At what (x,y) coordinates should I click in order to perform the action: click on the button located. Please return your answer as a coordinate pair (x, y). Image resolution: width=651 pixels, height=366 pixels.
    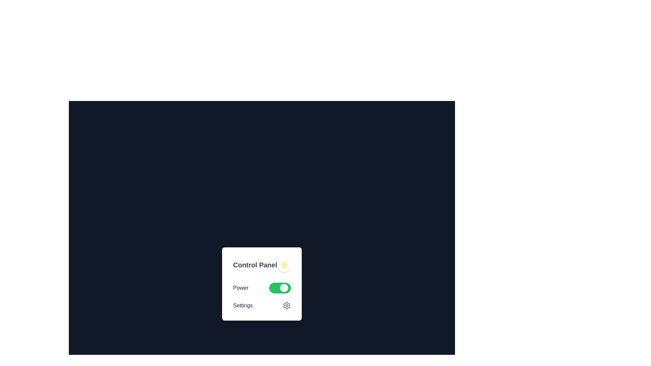
    Looking at the image, I should click on (284, 265).